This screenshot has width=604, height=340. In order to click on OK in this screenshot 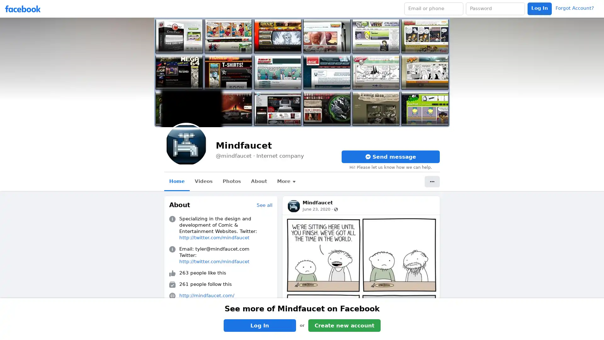, I will do `click(366, 188)`.